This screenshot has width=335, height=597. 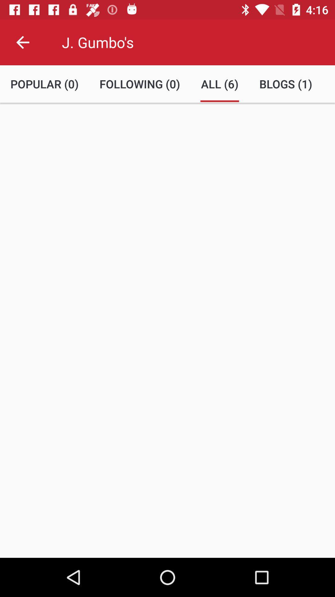 I want to click on icon next to all (6) item, so click(x=286, y=84).